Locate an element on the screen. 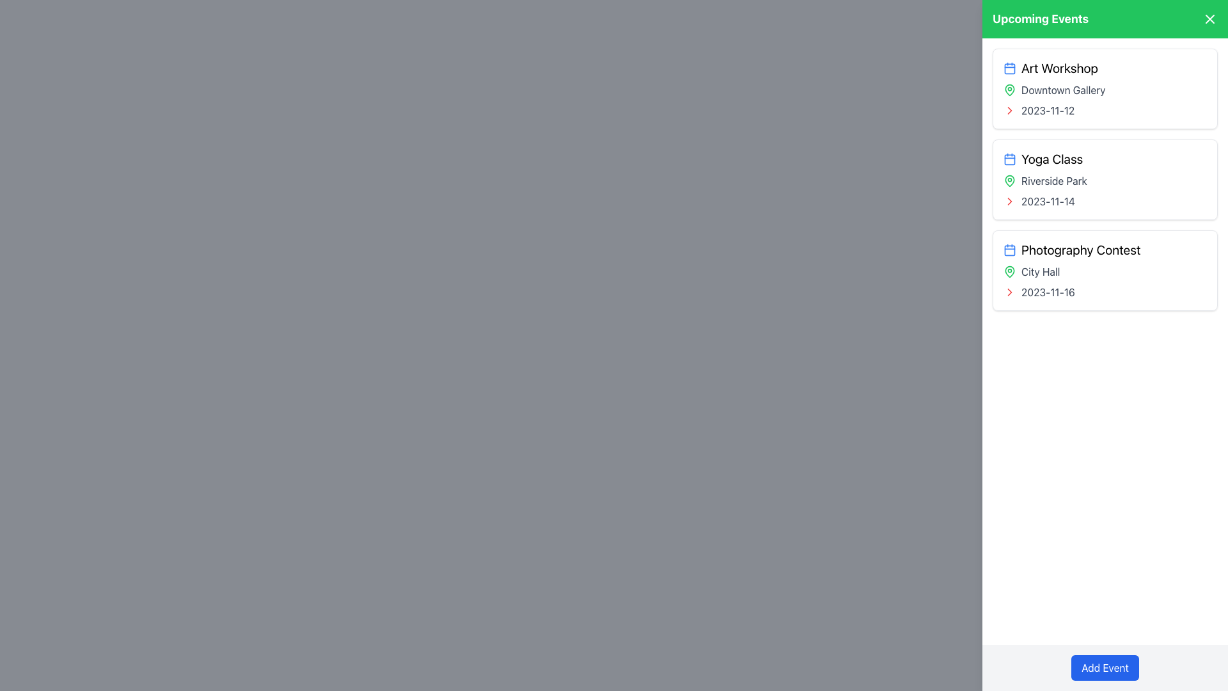 Image resolution: width=1228 pixels, height=691 pixels. the event icon located at the top-left corner of the 'Art Workshop' card within the 'Upcoming Events' panel, which symbolizes the event's schedule is located at coordinates (1009, 68).